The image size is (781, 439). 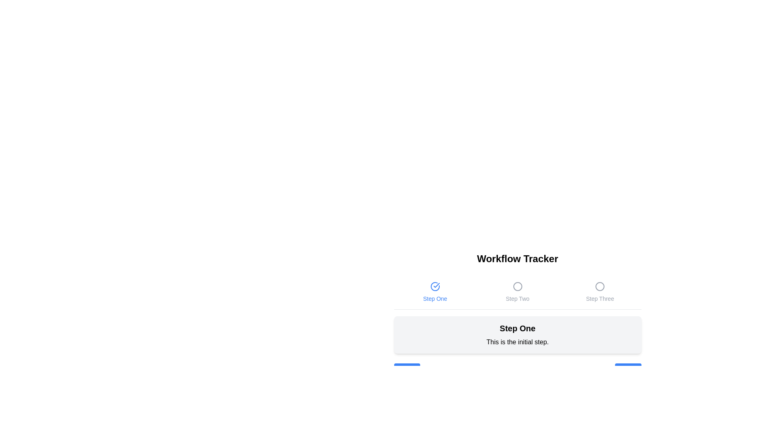 I want to click on the decorative checkmark graphic within the SVG that indicates a 'completed' status, located above the 'Step One' label in the 'Workflow Tracker' section, so click(x=436, y=285).